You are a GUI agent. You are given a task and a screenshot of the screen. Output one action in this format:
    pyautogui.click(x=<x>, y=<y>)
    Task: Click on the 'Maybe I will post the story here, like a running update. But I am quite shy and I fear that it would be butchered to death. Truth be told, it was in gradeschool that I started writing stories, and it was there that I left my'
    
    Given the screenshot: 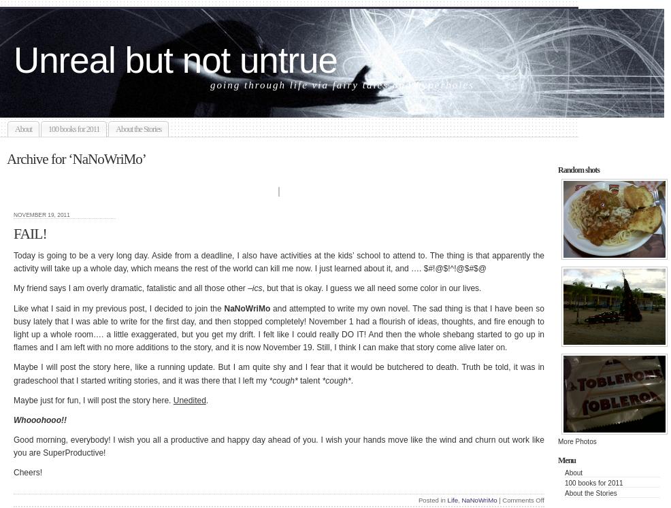 What is the action you would take?
    pyautogui.click(x=278, y=373)
    